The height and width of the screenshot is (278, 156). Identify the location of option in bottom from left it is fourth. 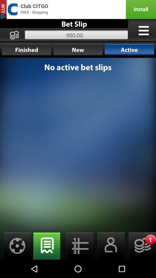
(109, 246).